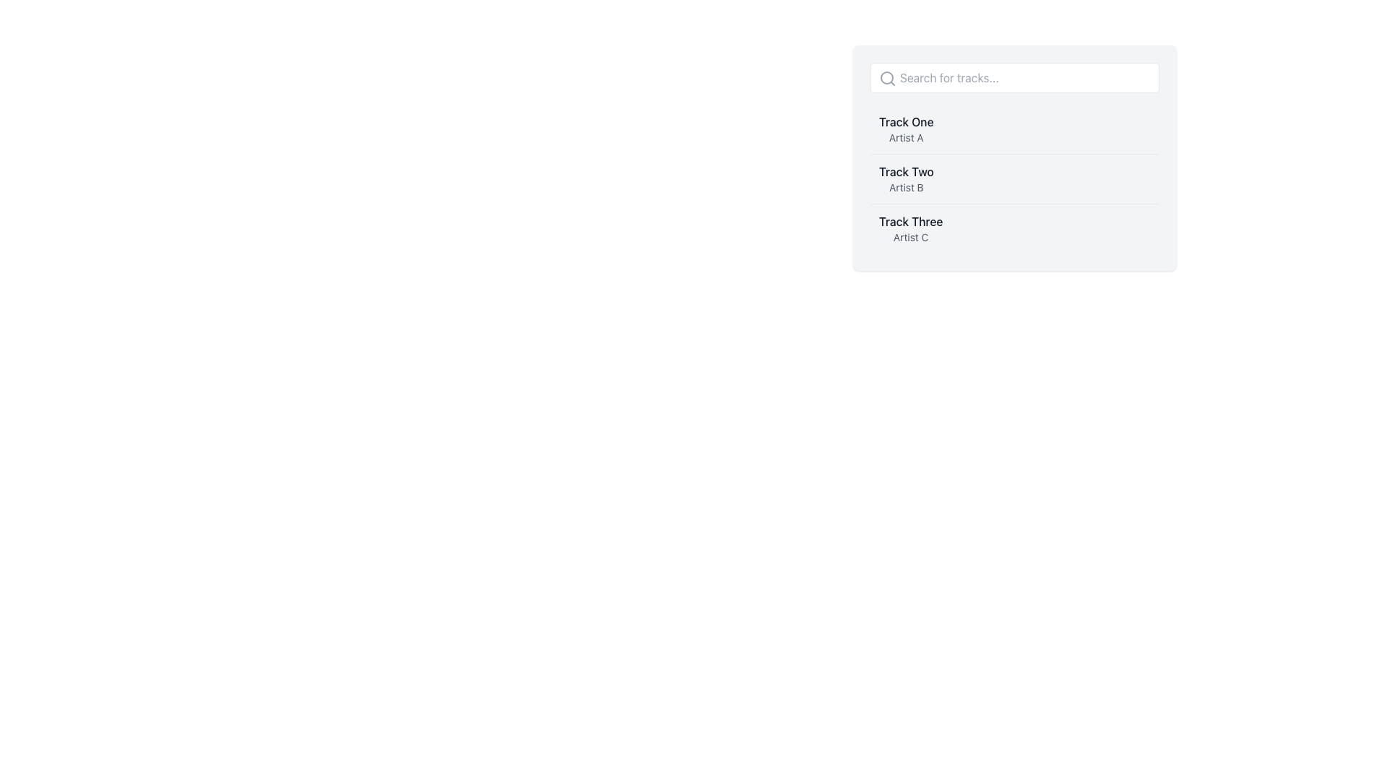 Image resolution: width=1387 pixels, height=780 pixels. I want to click on the list item displaying 'Track Three' followed by 'Artist C', so click(1014, 227).